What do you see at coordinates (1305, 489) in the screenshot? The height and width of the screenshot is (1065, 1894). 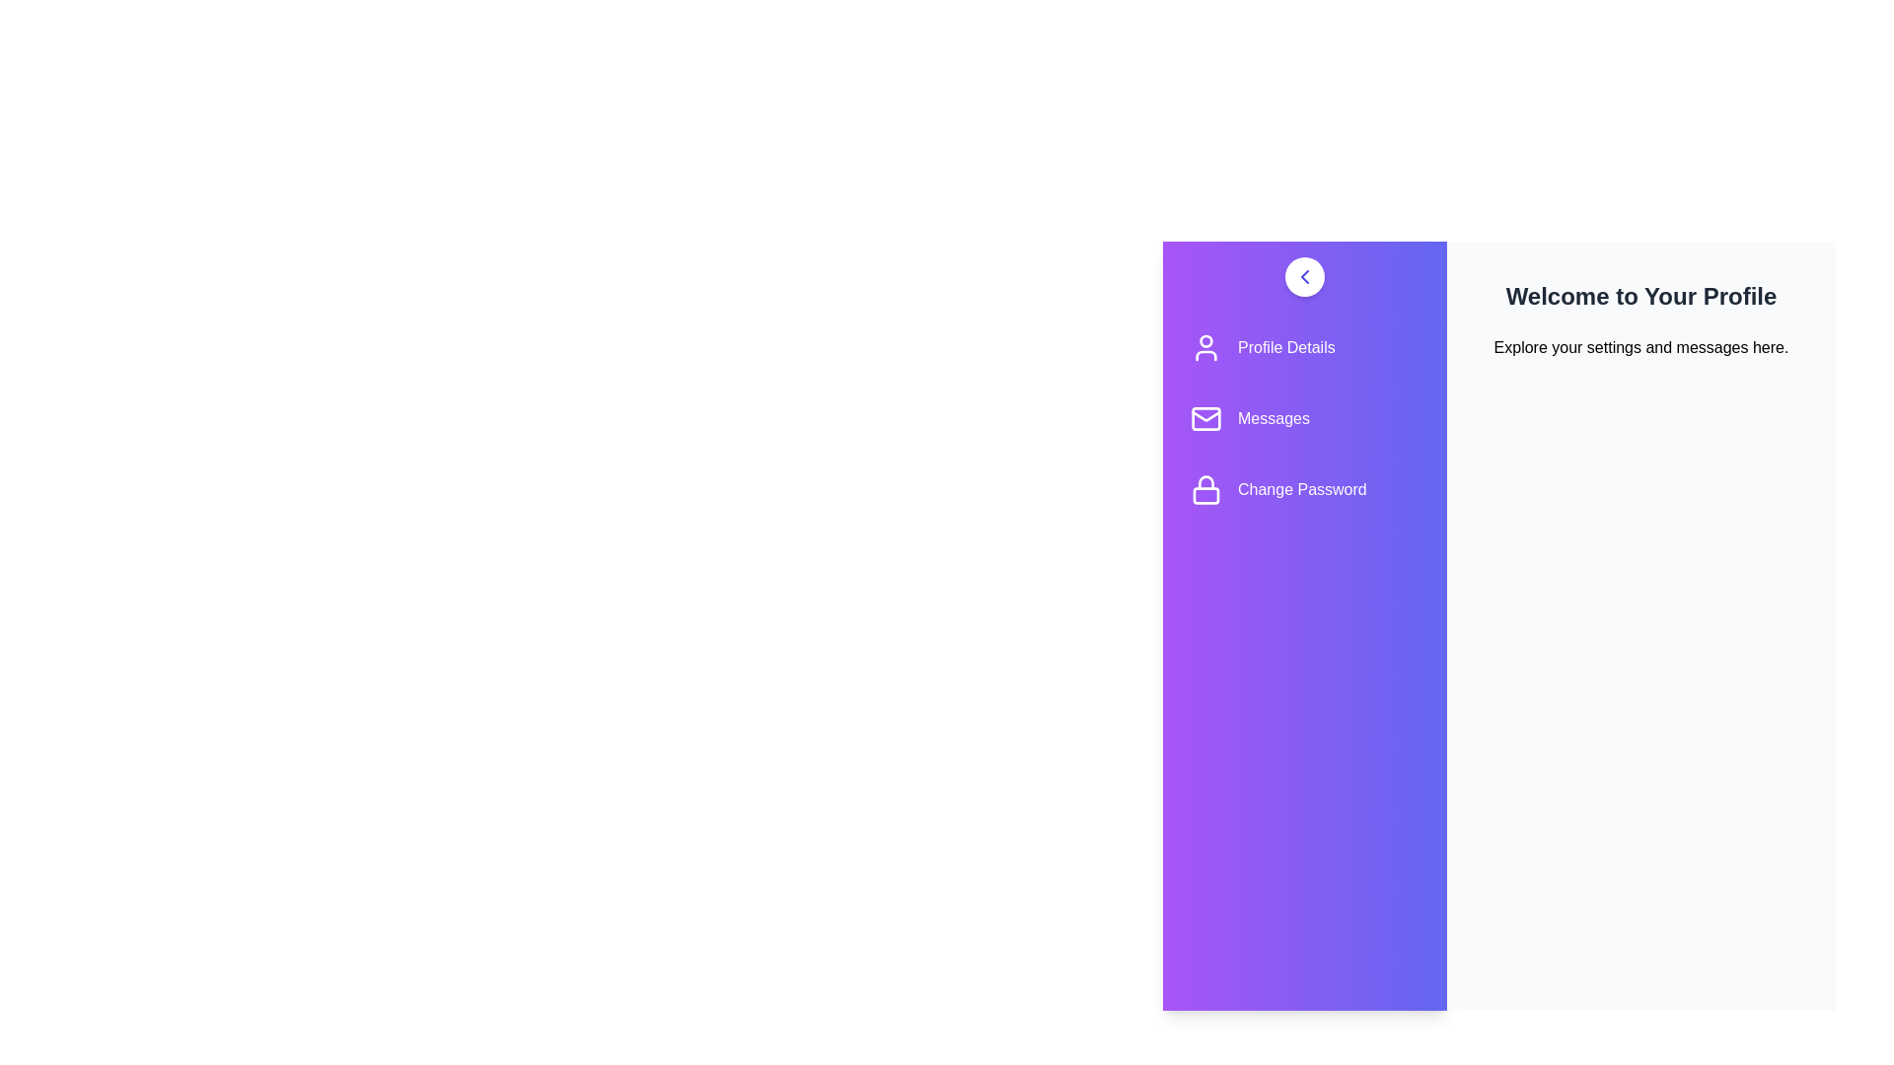 I see `the menu item corresponding to Change Password` at bounding box center [1305, 489].